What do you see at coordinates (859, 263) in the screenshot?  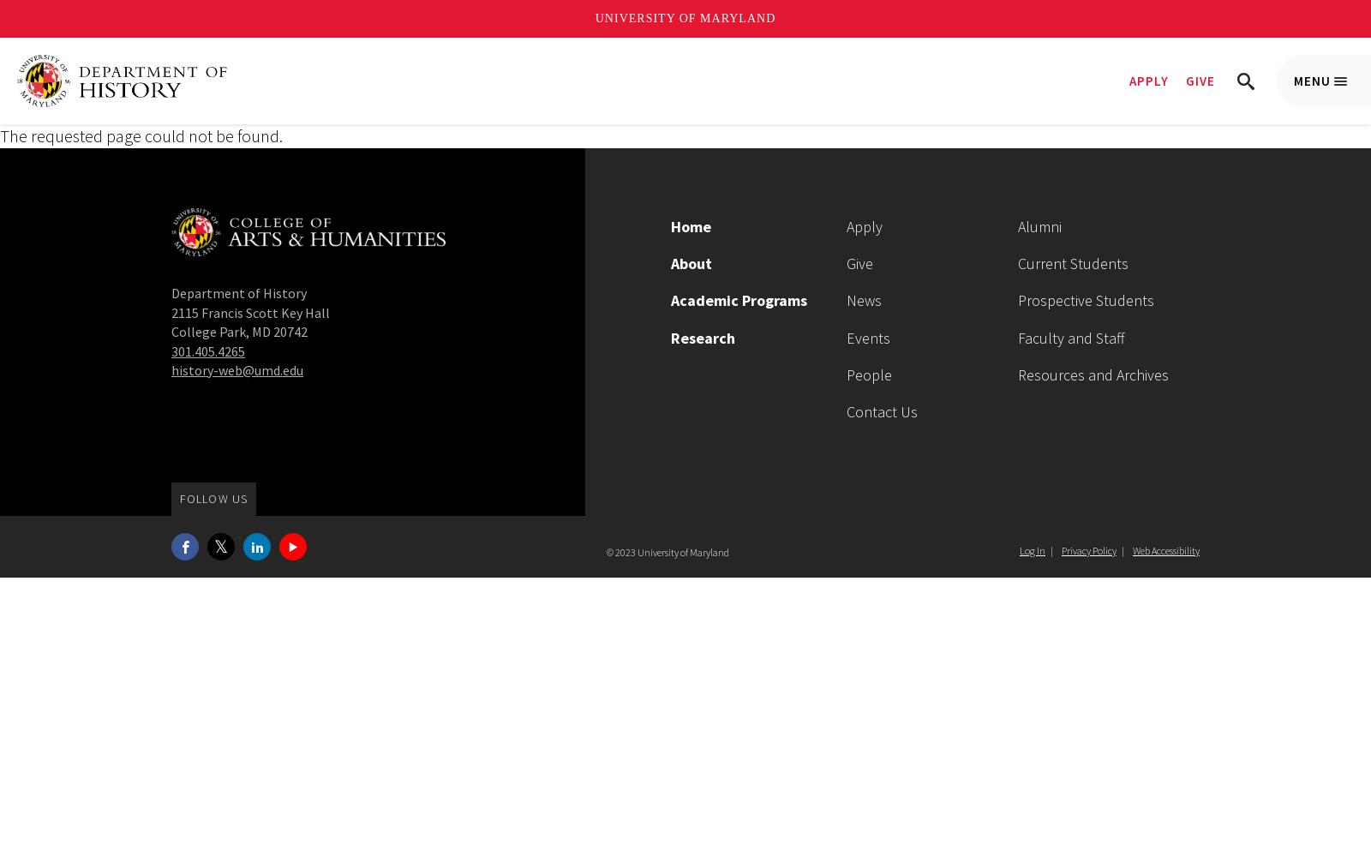 I see `'Give'` at bounding box center [859, 263].